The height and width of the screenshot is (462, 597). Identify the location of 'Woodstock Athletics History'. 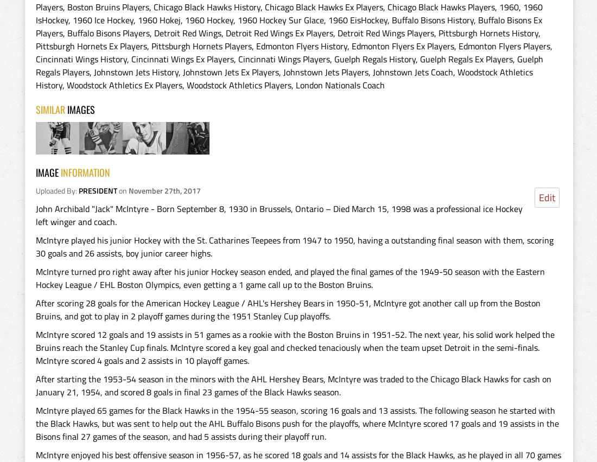
(284, 78).